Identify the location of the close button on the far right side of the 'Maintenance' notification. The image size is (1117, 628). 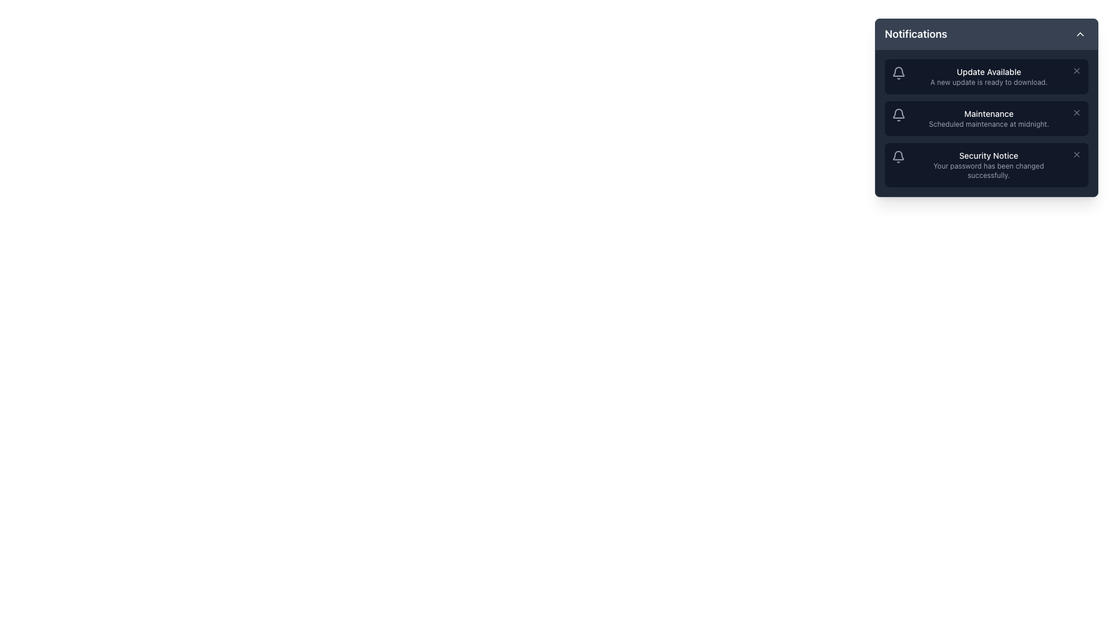
(1076, 112).